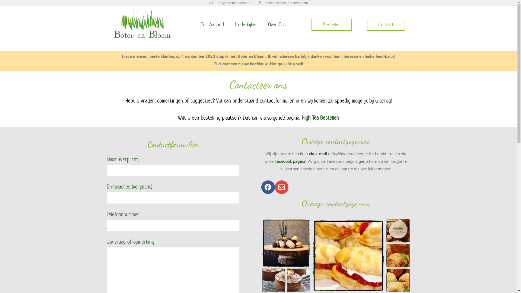 The width and height of the screenshot is (521, 293). Describe the element at coordinates (290, 161) in the screenshot. I see `'Facebook pagina.'` at that location.